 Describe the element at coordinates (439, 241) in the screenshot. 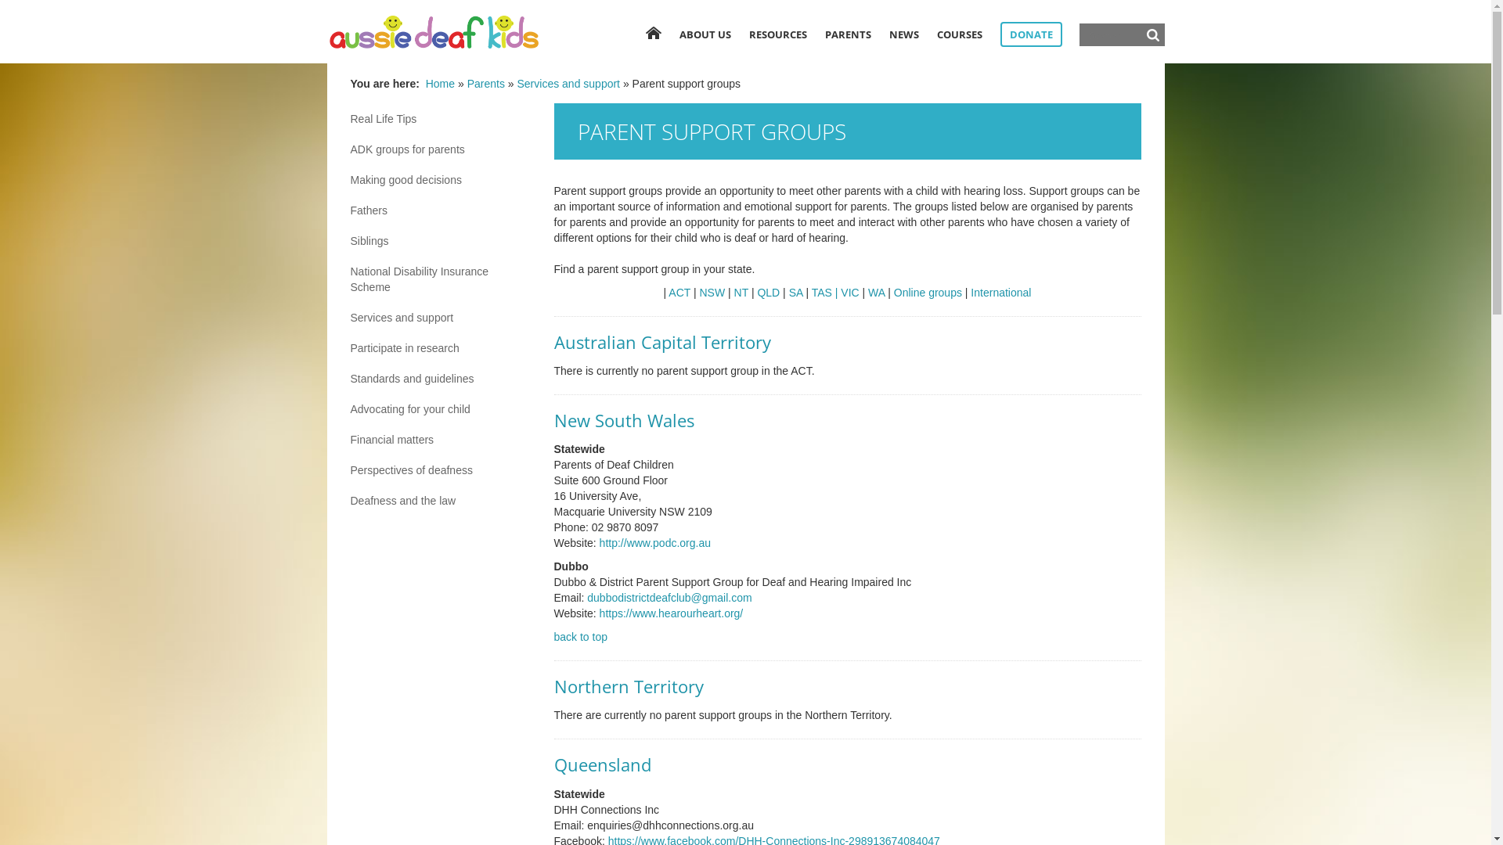

I see `'Siblings'` at that location.